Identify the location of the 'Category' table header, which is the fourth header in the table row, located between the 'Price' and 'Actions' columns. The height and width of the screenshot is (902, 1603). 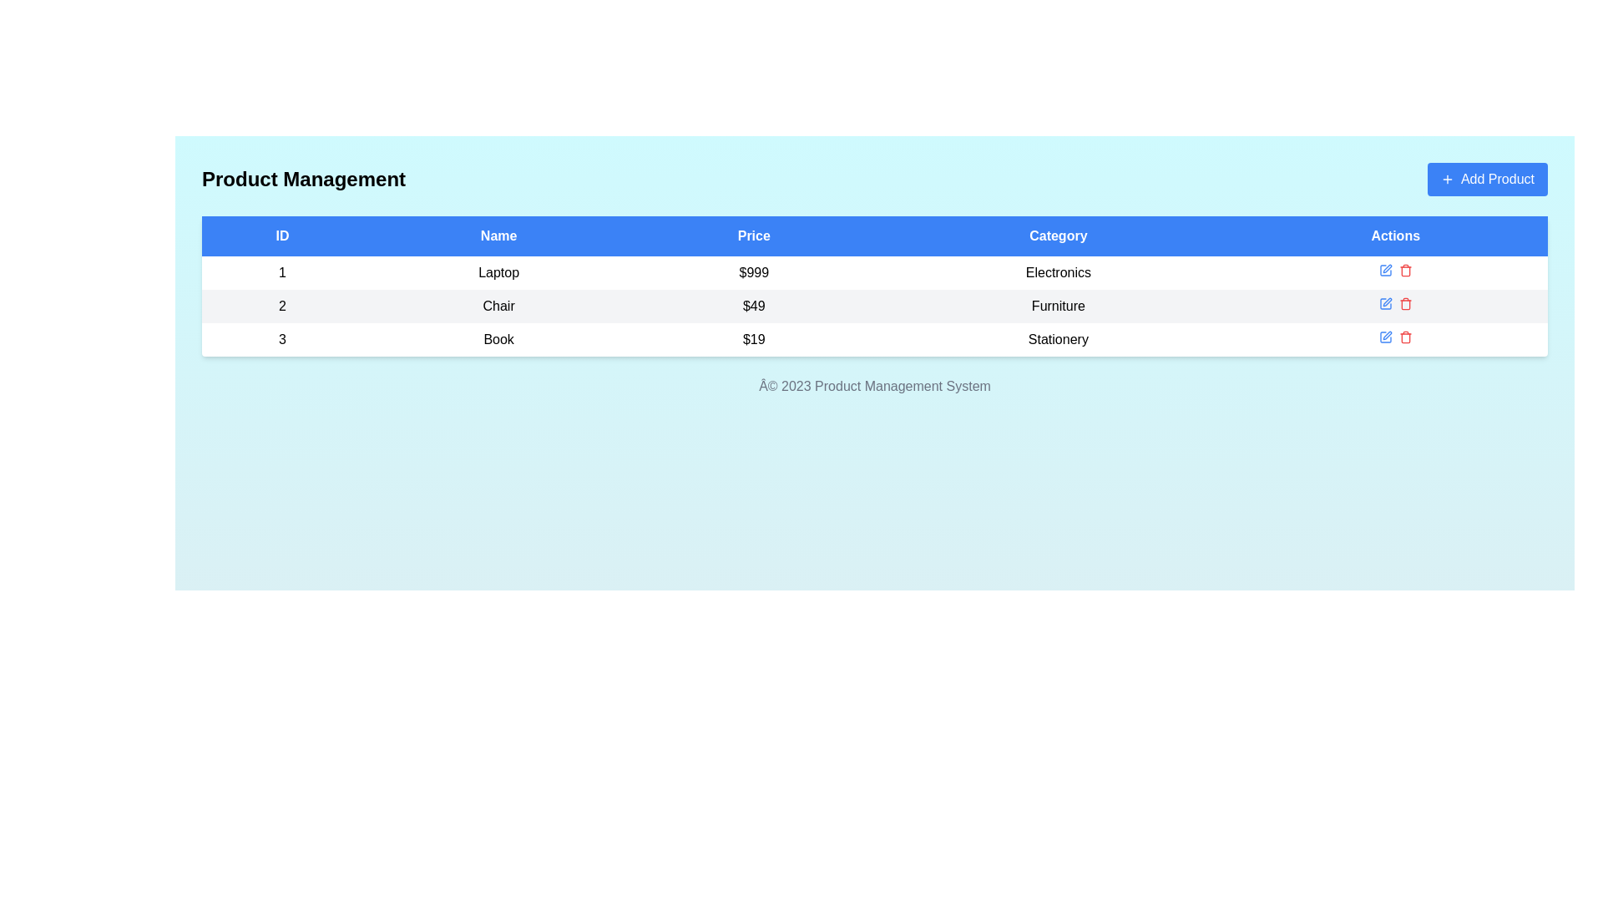
(1057, 236).